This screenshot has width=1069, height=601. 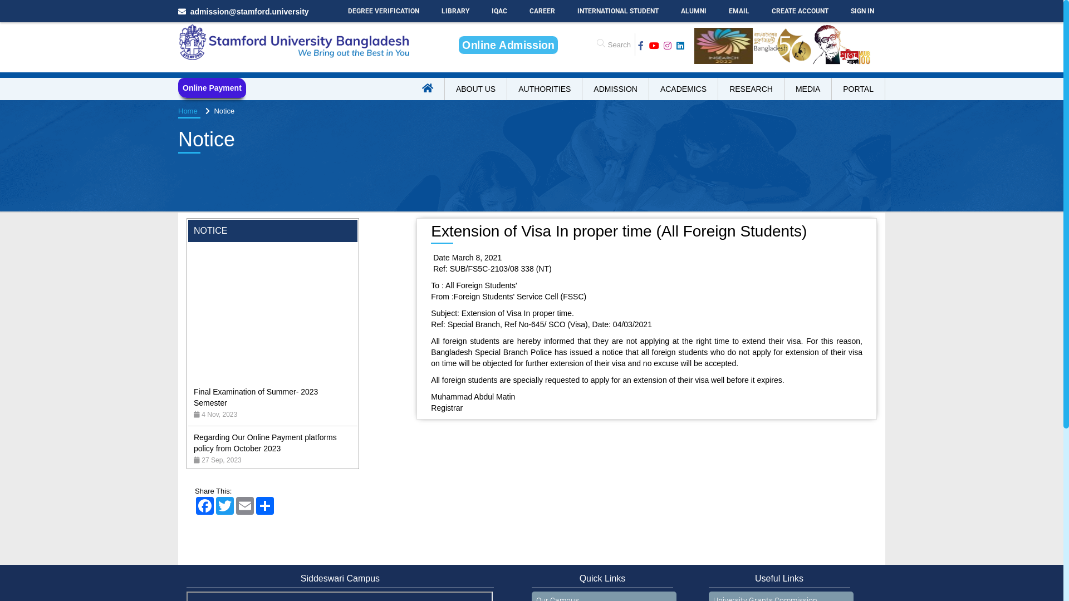 I want to click on 'ACADEMICS', so click(x=683, y=88).